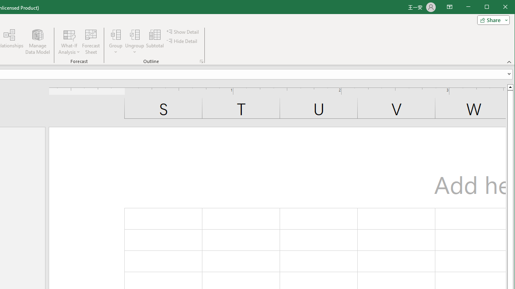 The height and width of the screenshot is (289, 515). I want to click on 'Line up', so click(510, 87).